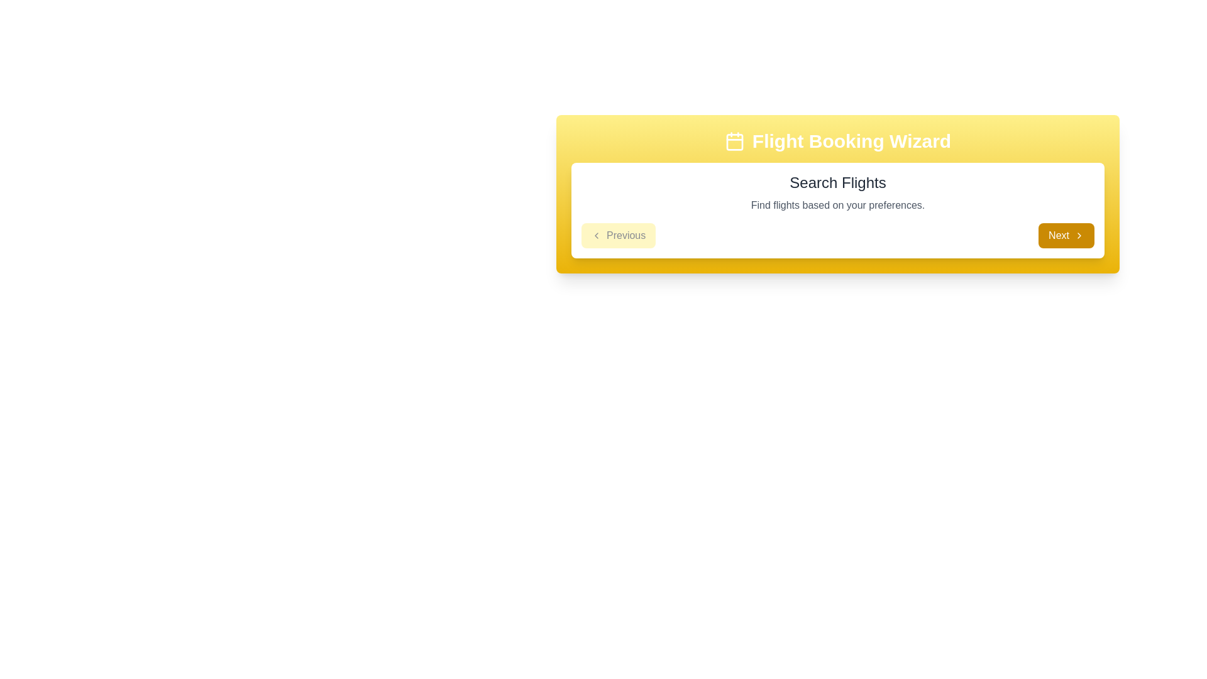  What do you see at coordinates (1066, 235) in the screenshot?
I see `the 'Next' button, which is a rectangular button with rounded corners displaying the text 'Next' in white on a yellow background, to observe the color change` at bounding box center [1066, 235].